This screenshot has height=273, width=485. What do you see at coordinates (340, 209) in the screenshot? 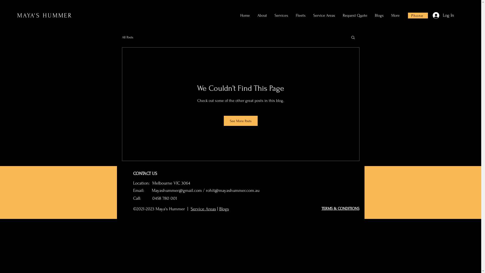
I see `'TERMS & CONDITIONS'` at bounding box center [340, 209].